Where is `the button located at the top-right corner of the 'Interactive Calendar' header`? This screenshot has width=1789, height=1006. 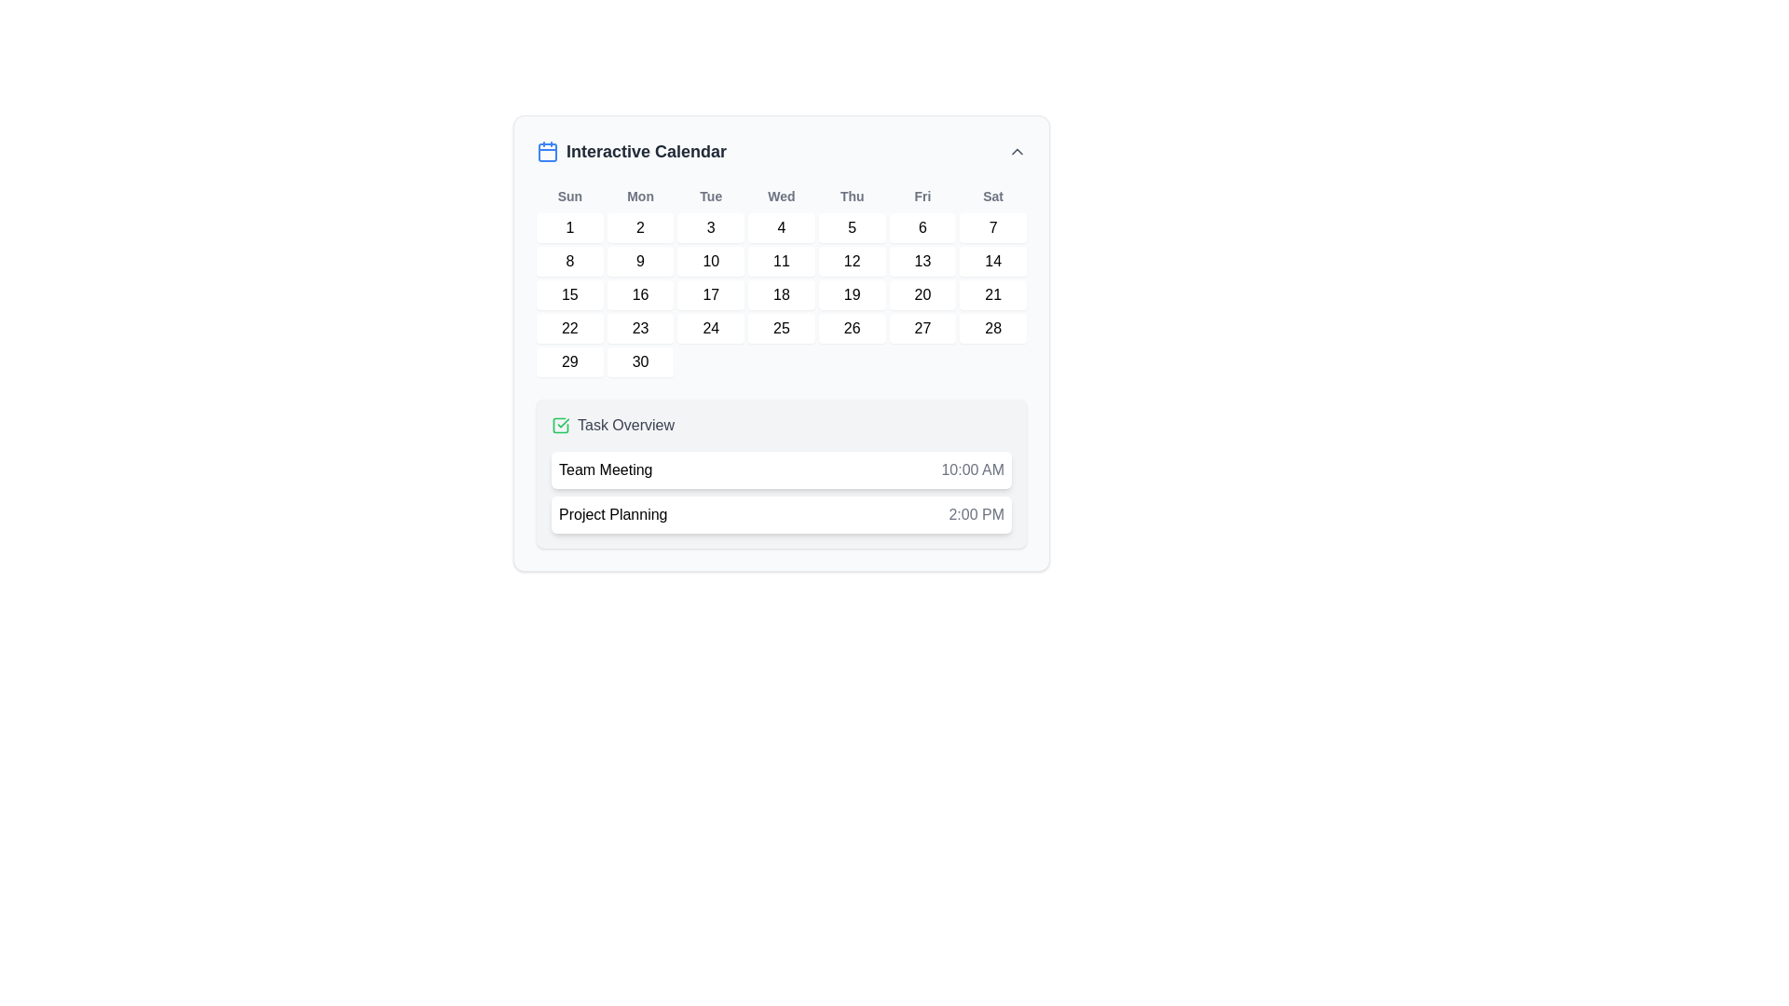
the button located at the top-right corner of the 'Interactive Calendar' header is located at coordinates (1016, 150).